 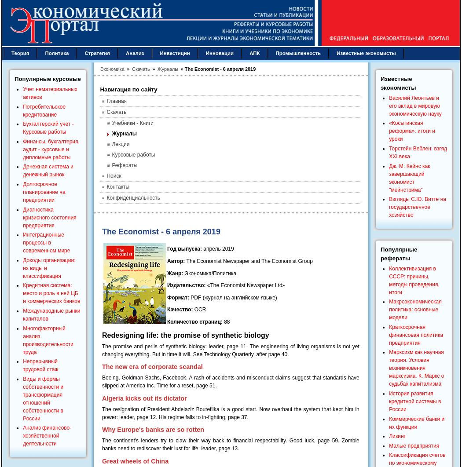 What do you see at coordinates (186, 285) in the screenshot?
I see `'Издательство:'` at bounding box center [186, 285].